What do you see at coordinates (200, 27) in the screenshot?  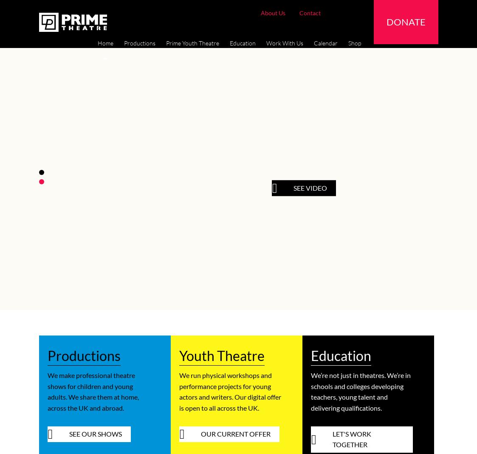 I see `'£50'` at bounding box center [200, 27].